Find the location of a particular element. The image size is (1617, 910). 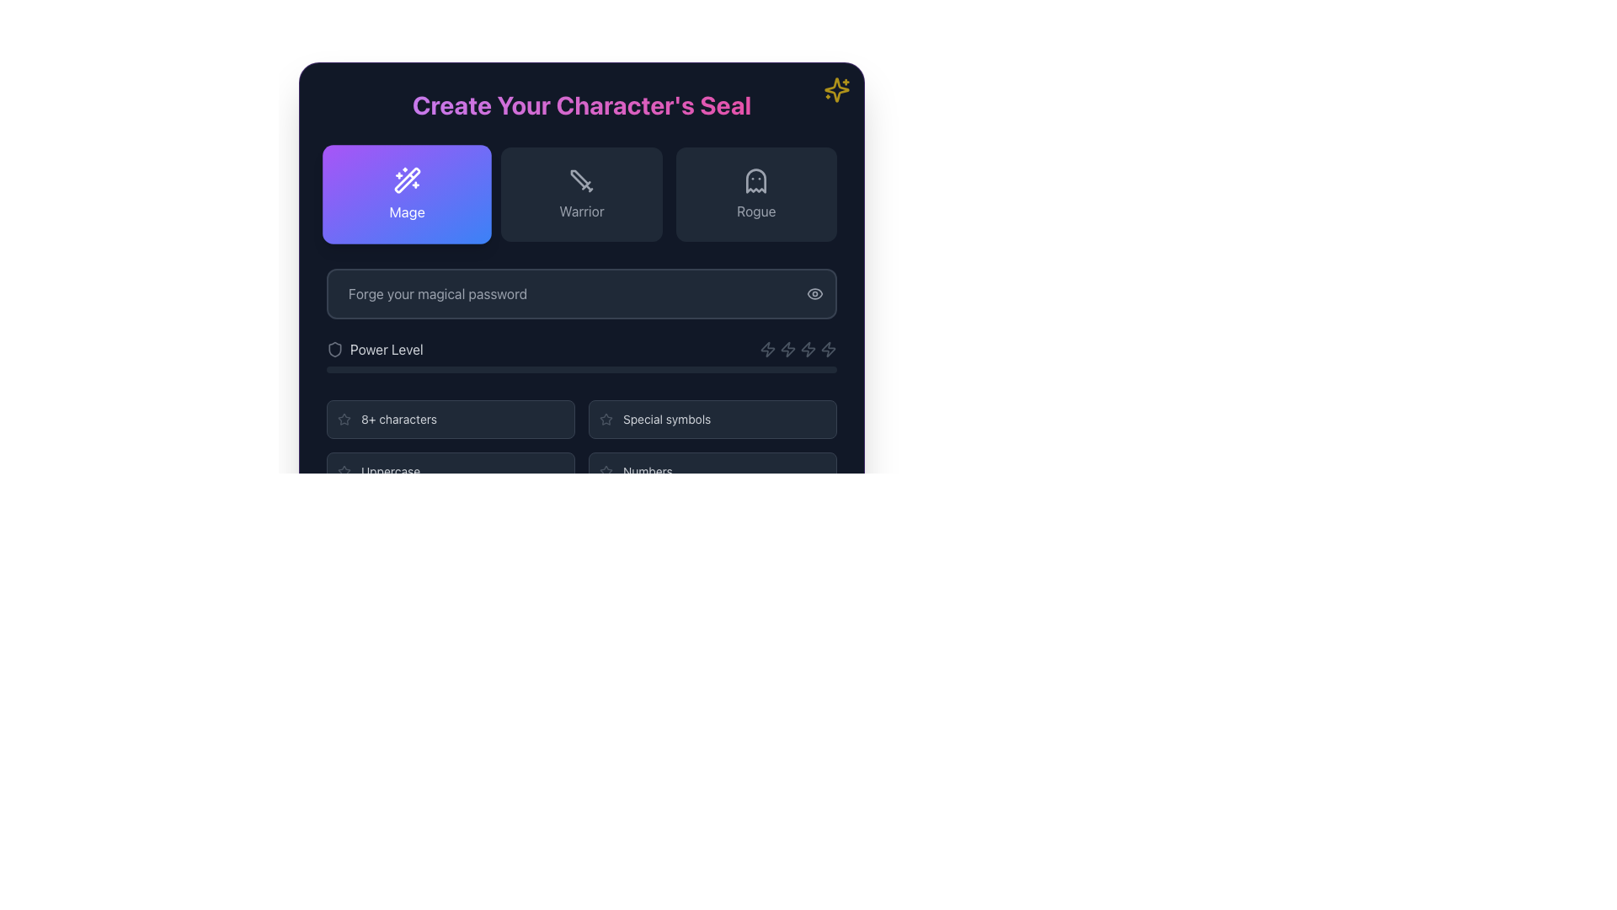

the lightning bolt icon, which is the seventh in a series of horizontally aligned icons located at the bottom right of a password input field is located at coordinates (828, 349).